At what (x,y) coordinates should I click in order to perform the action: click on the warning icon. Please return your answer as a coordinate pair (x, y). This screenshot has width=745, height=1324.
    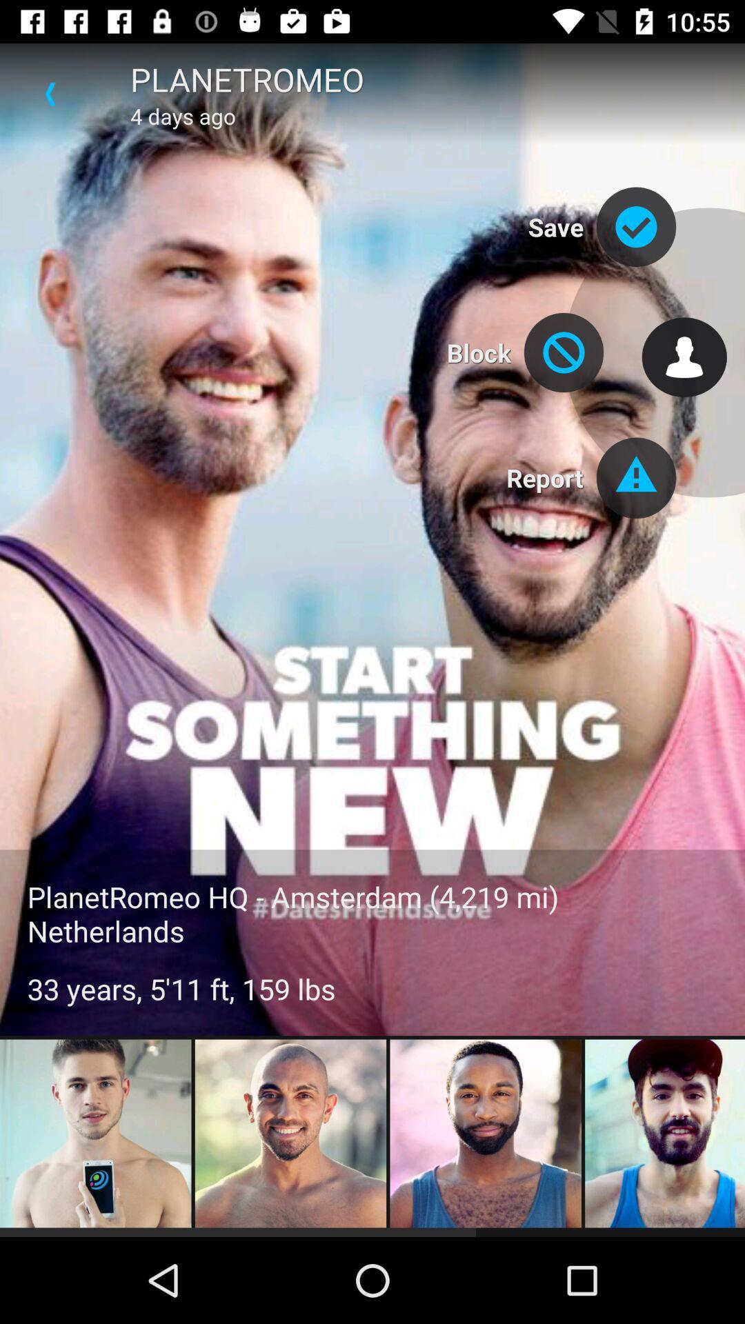
    Looking at the image, I should click on (636, 478).